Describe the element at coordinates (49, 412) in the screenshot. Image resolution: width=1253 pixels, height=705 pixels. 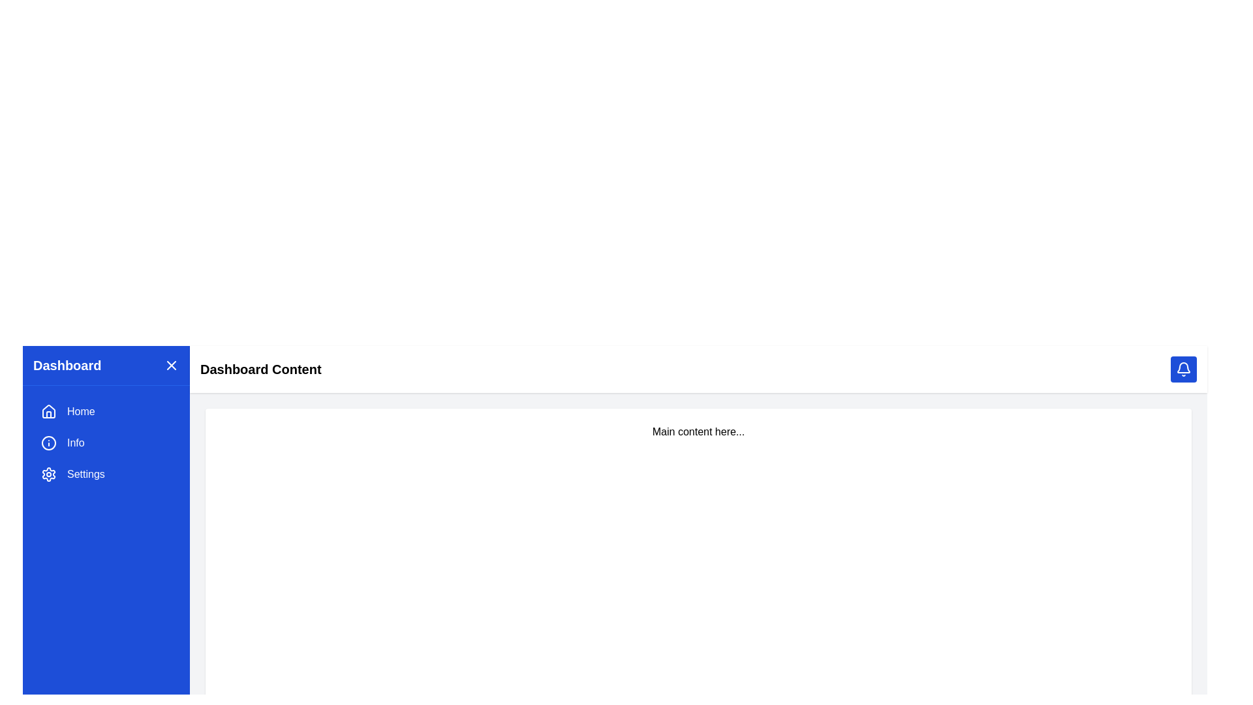
I see `the house-shaped icon in the left navigation panel, next to the 'Home' text` at that location.